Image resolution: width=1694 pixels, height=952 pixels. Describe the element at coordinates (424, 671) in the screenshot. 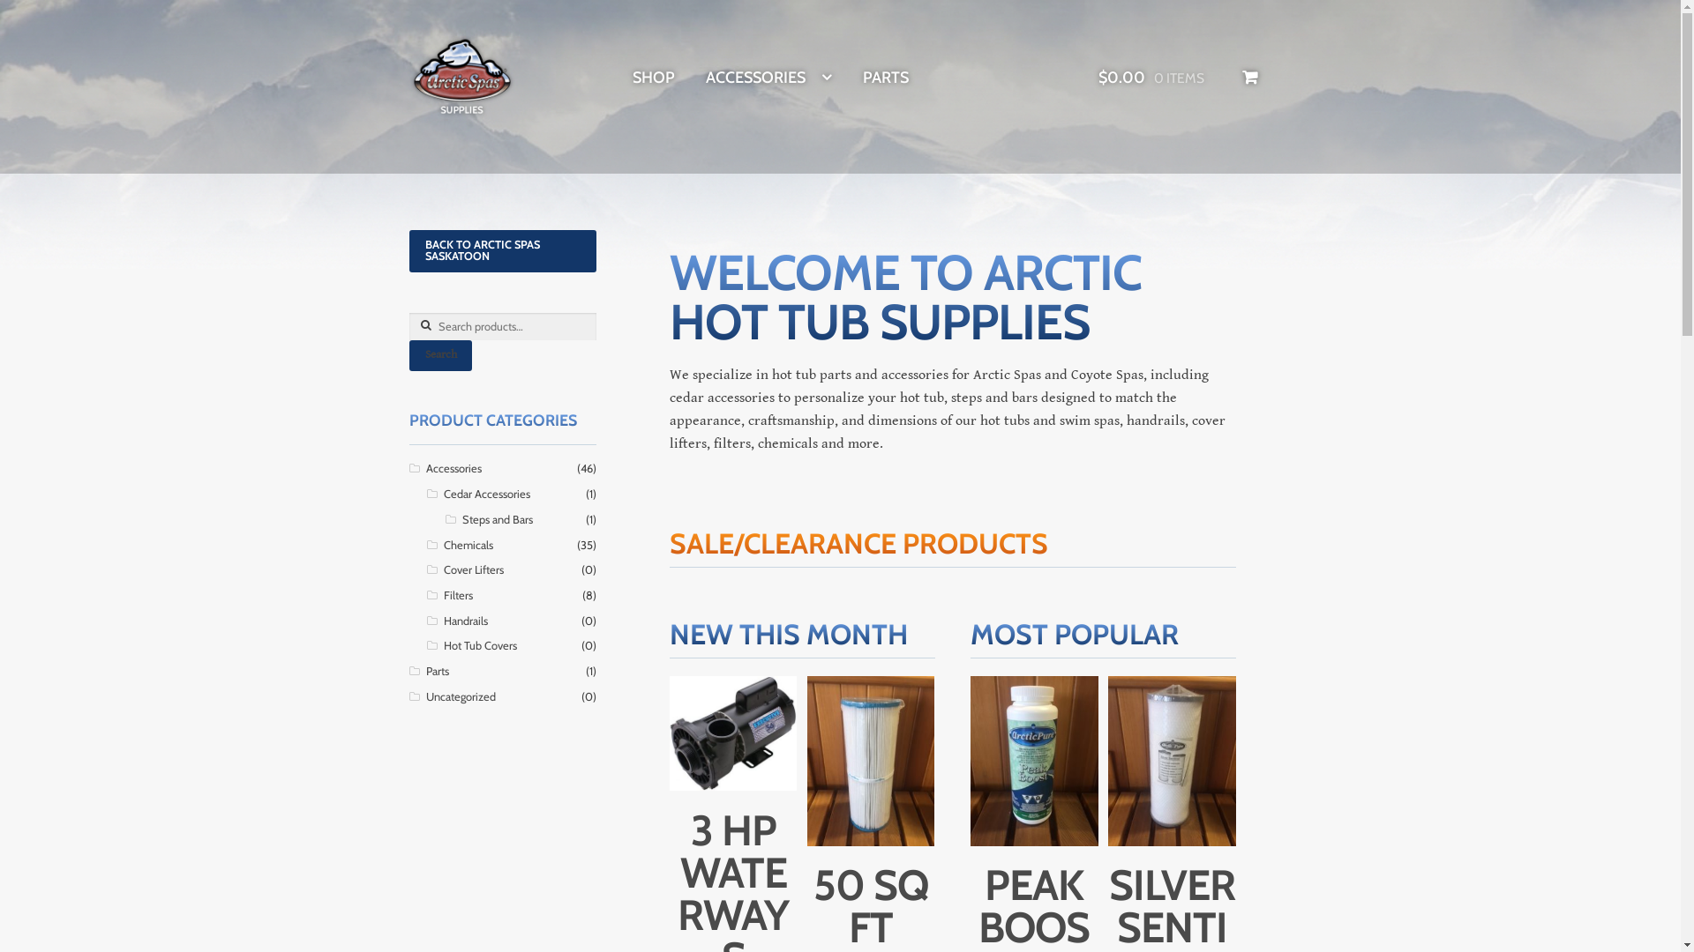

I see `'Parts'` at that location.